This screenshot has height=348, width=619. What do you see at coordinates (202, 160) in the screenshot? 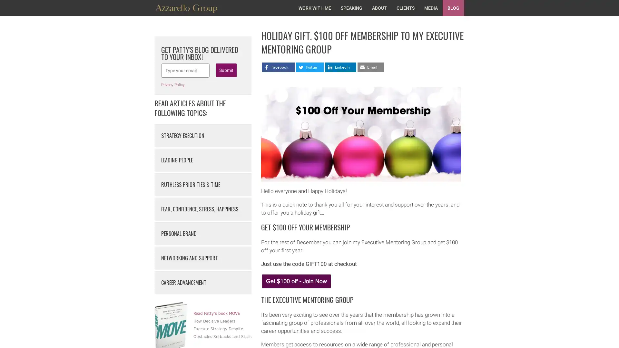
I see `LEADING PEOPLE` at bounding box center [202, 160].